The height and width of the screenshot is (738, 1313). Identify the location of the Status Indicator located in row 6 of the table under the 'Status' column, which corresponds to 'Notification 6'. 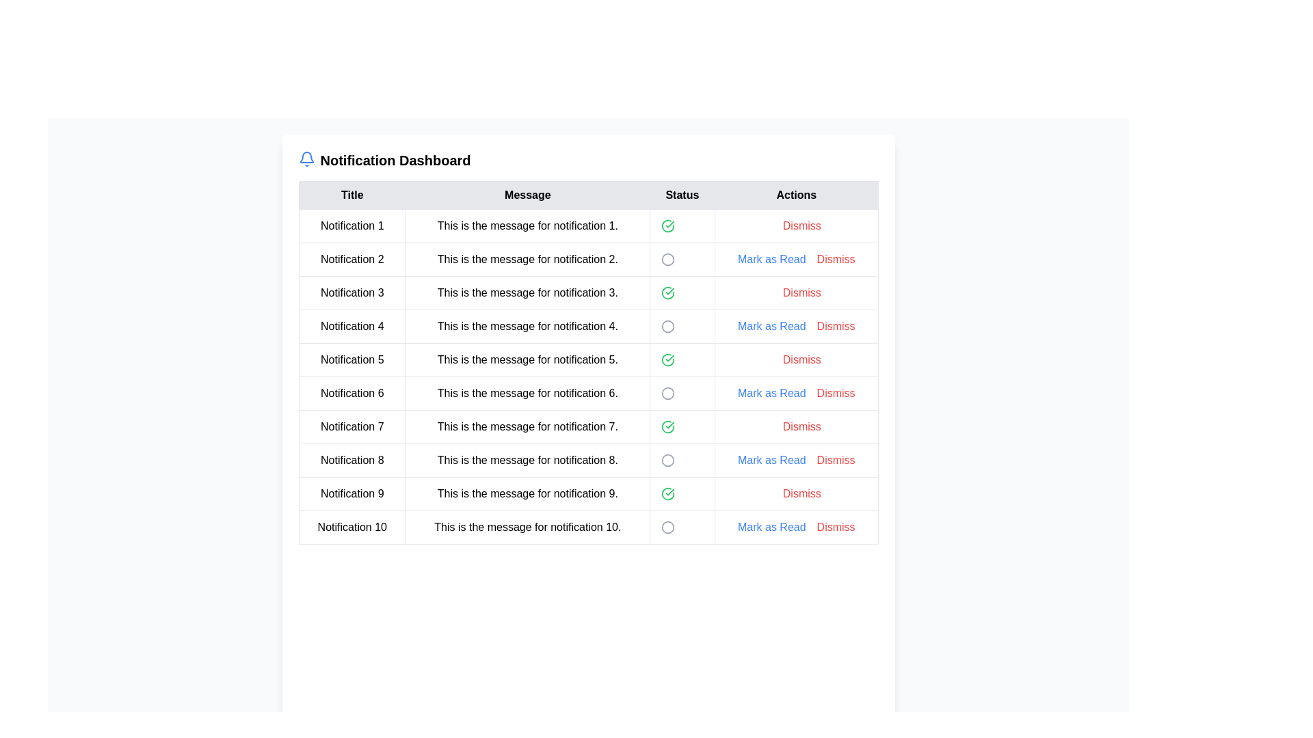
(667, 393).